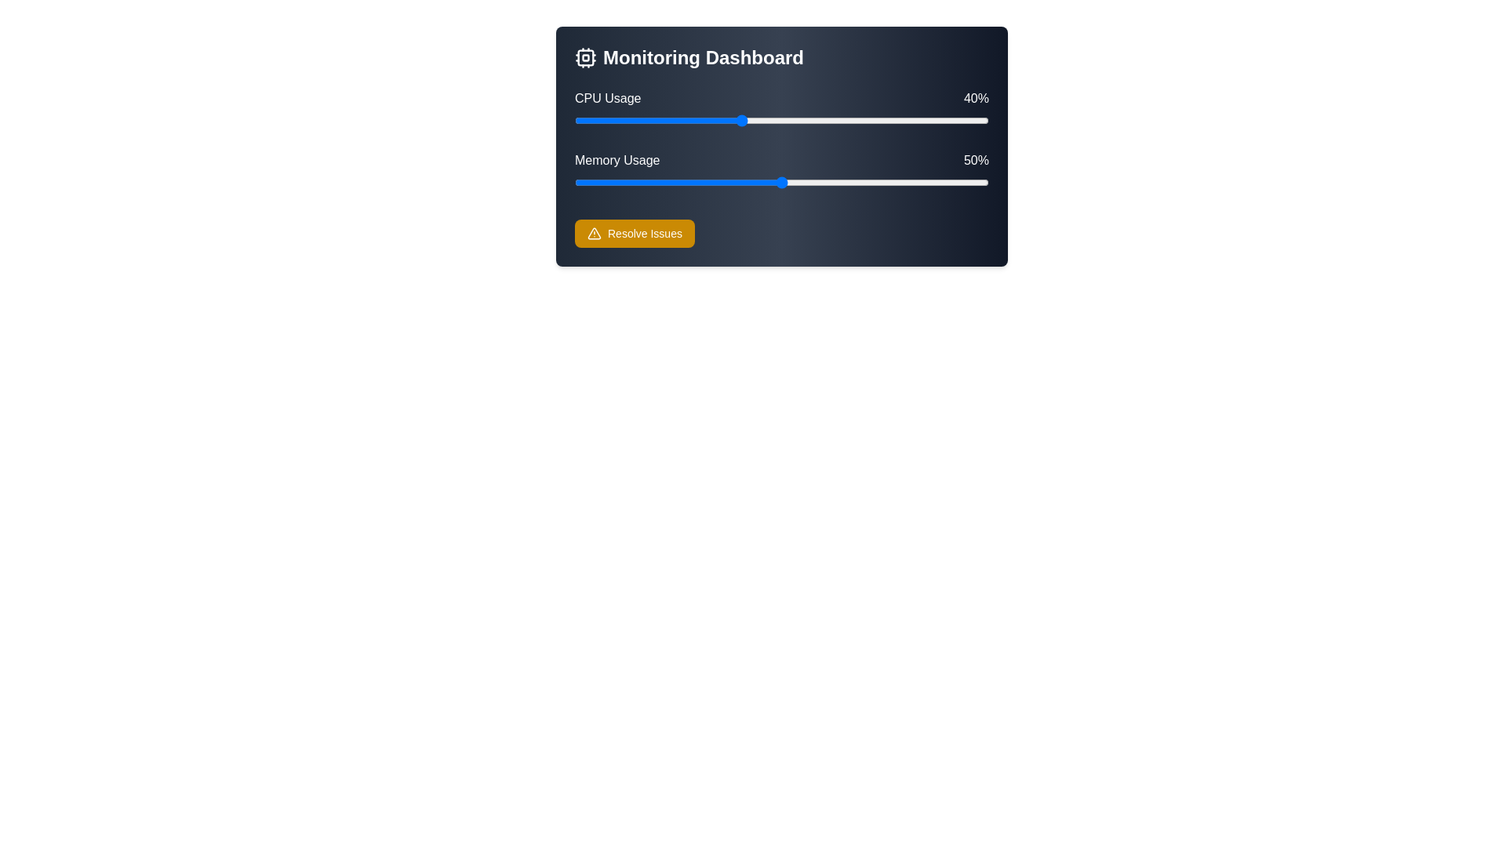 This screenshot has width=1506, height=847. What do you see at coordinates (602, 120) in the screenshot?
I see `CPU usage` at bounding box center [602, 120].